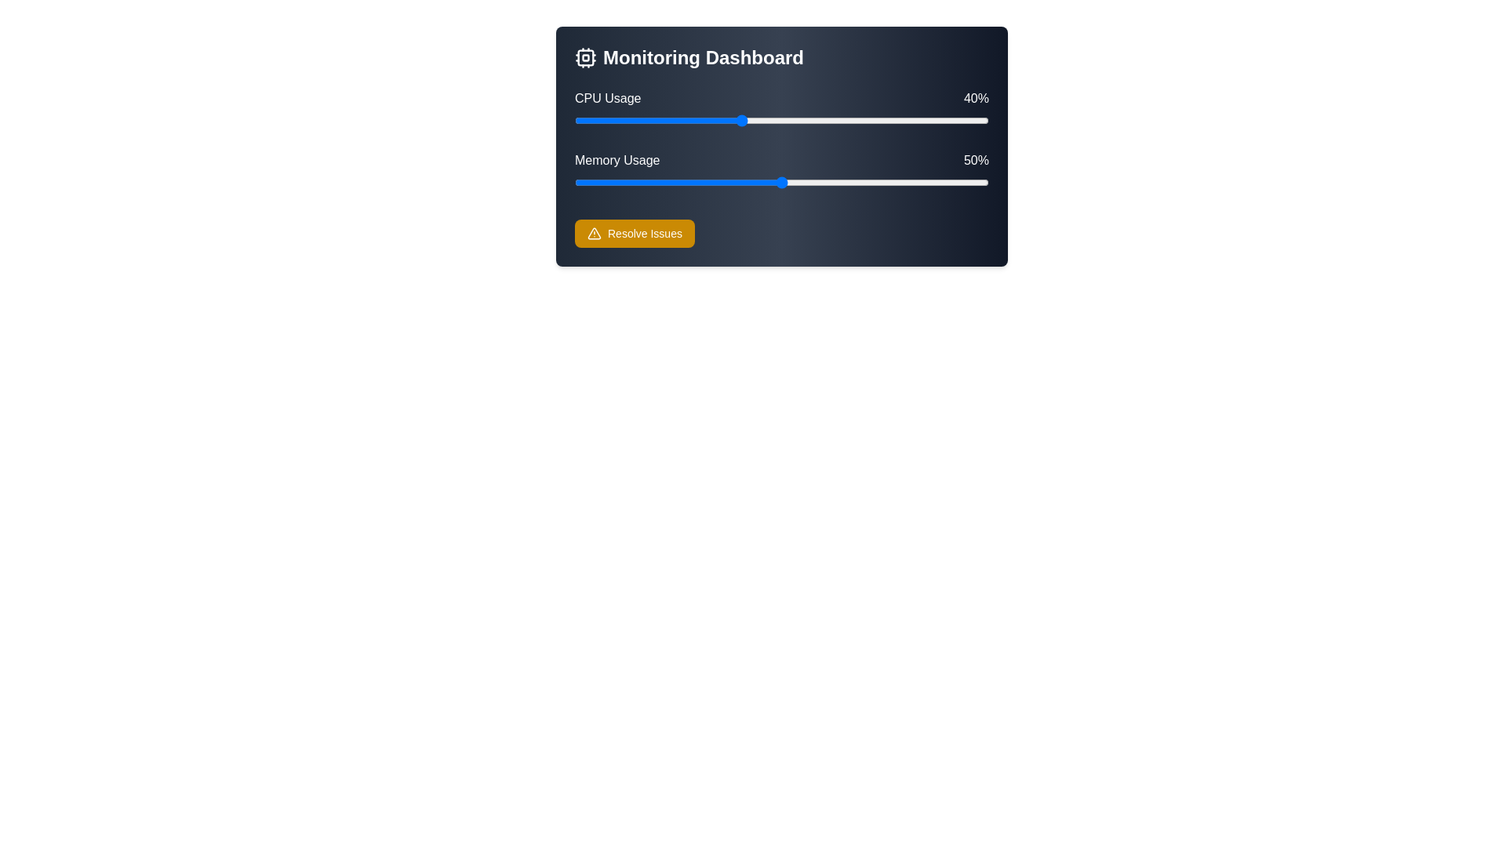 This screenshot has width=1506, height=847. What do you see at coordinates (602, 120) in the screenshot?
I see `CPU usage` at bounding box center [602, 120].